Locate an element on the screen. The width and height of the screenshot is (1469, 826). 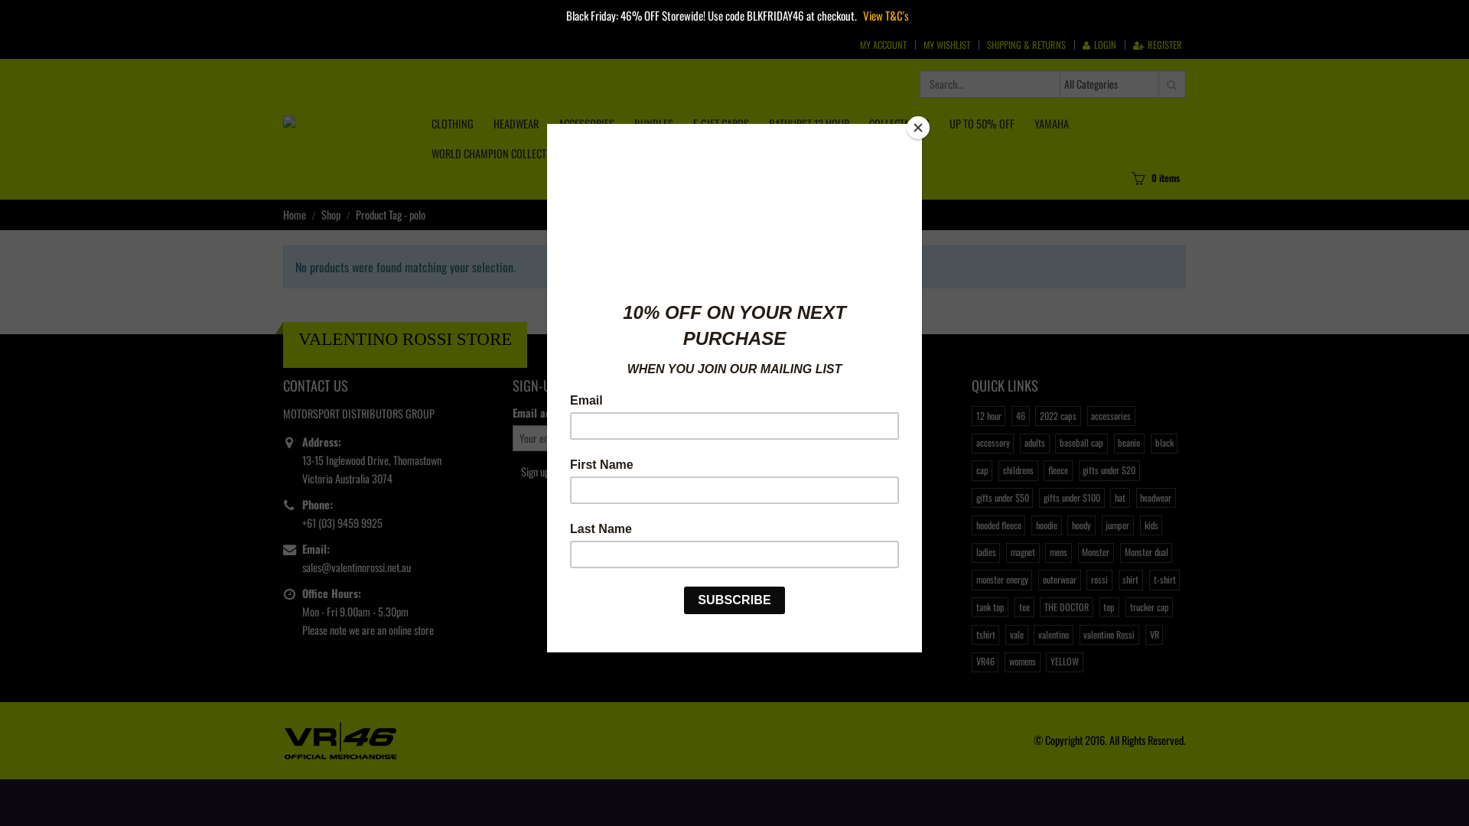
'fleece' is located at coordinates (1057, 469).